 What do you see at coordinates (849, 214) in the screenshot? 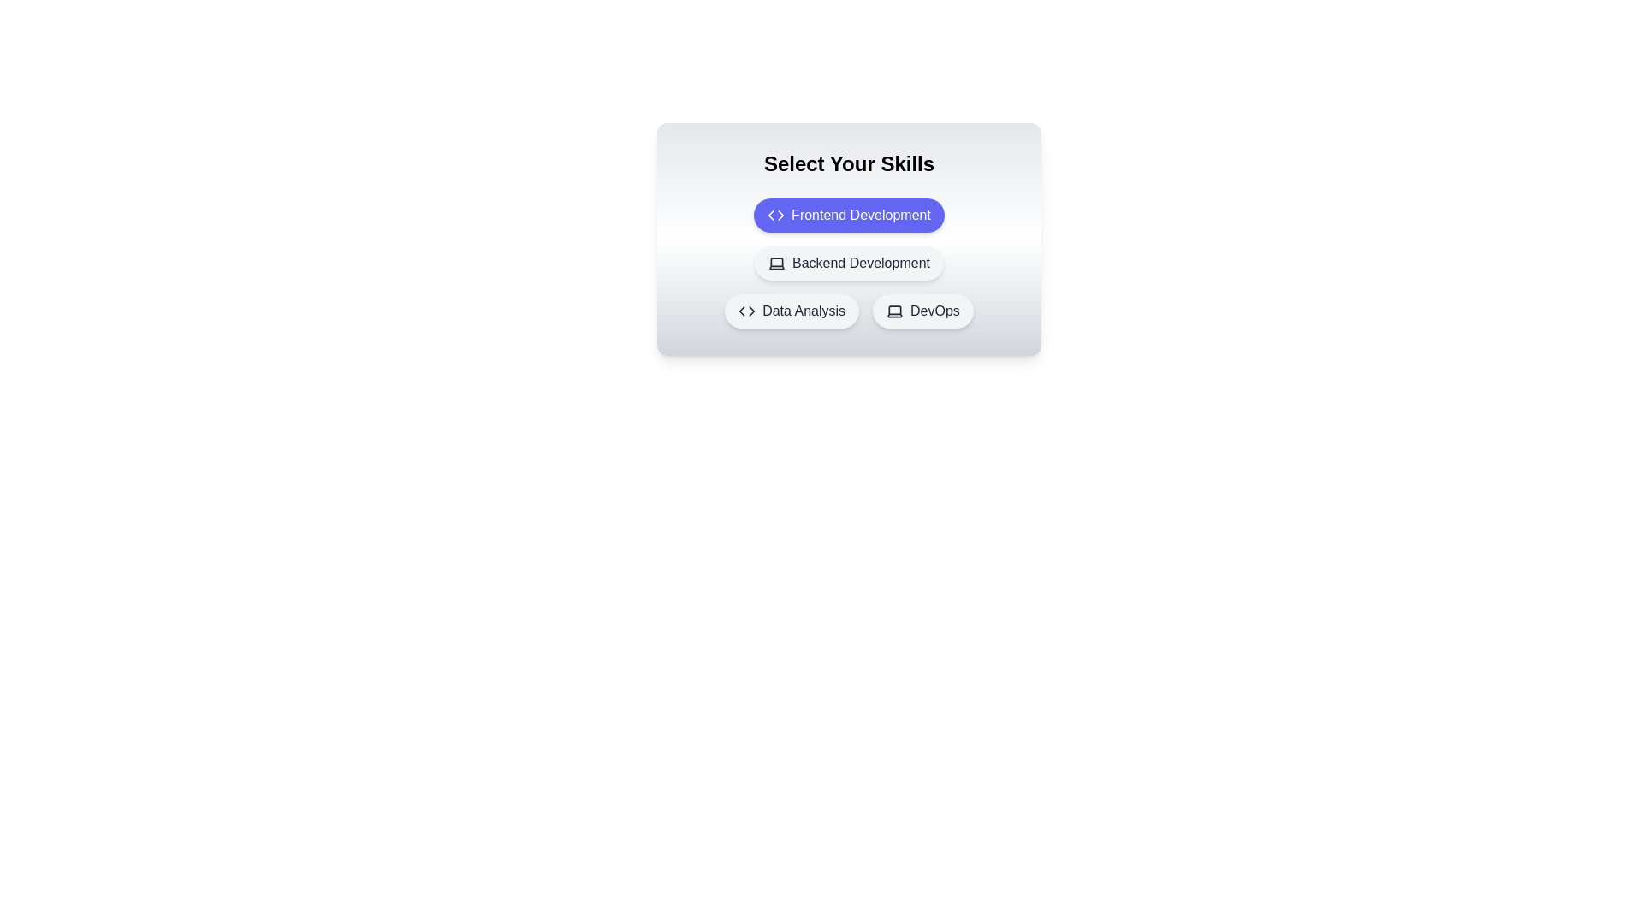
I see `the skill chip labeled 'Frontend Development' to toggle its selection state` at bounding box center [849, 214].